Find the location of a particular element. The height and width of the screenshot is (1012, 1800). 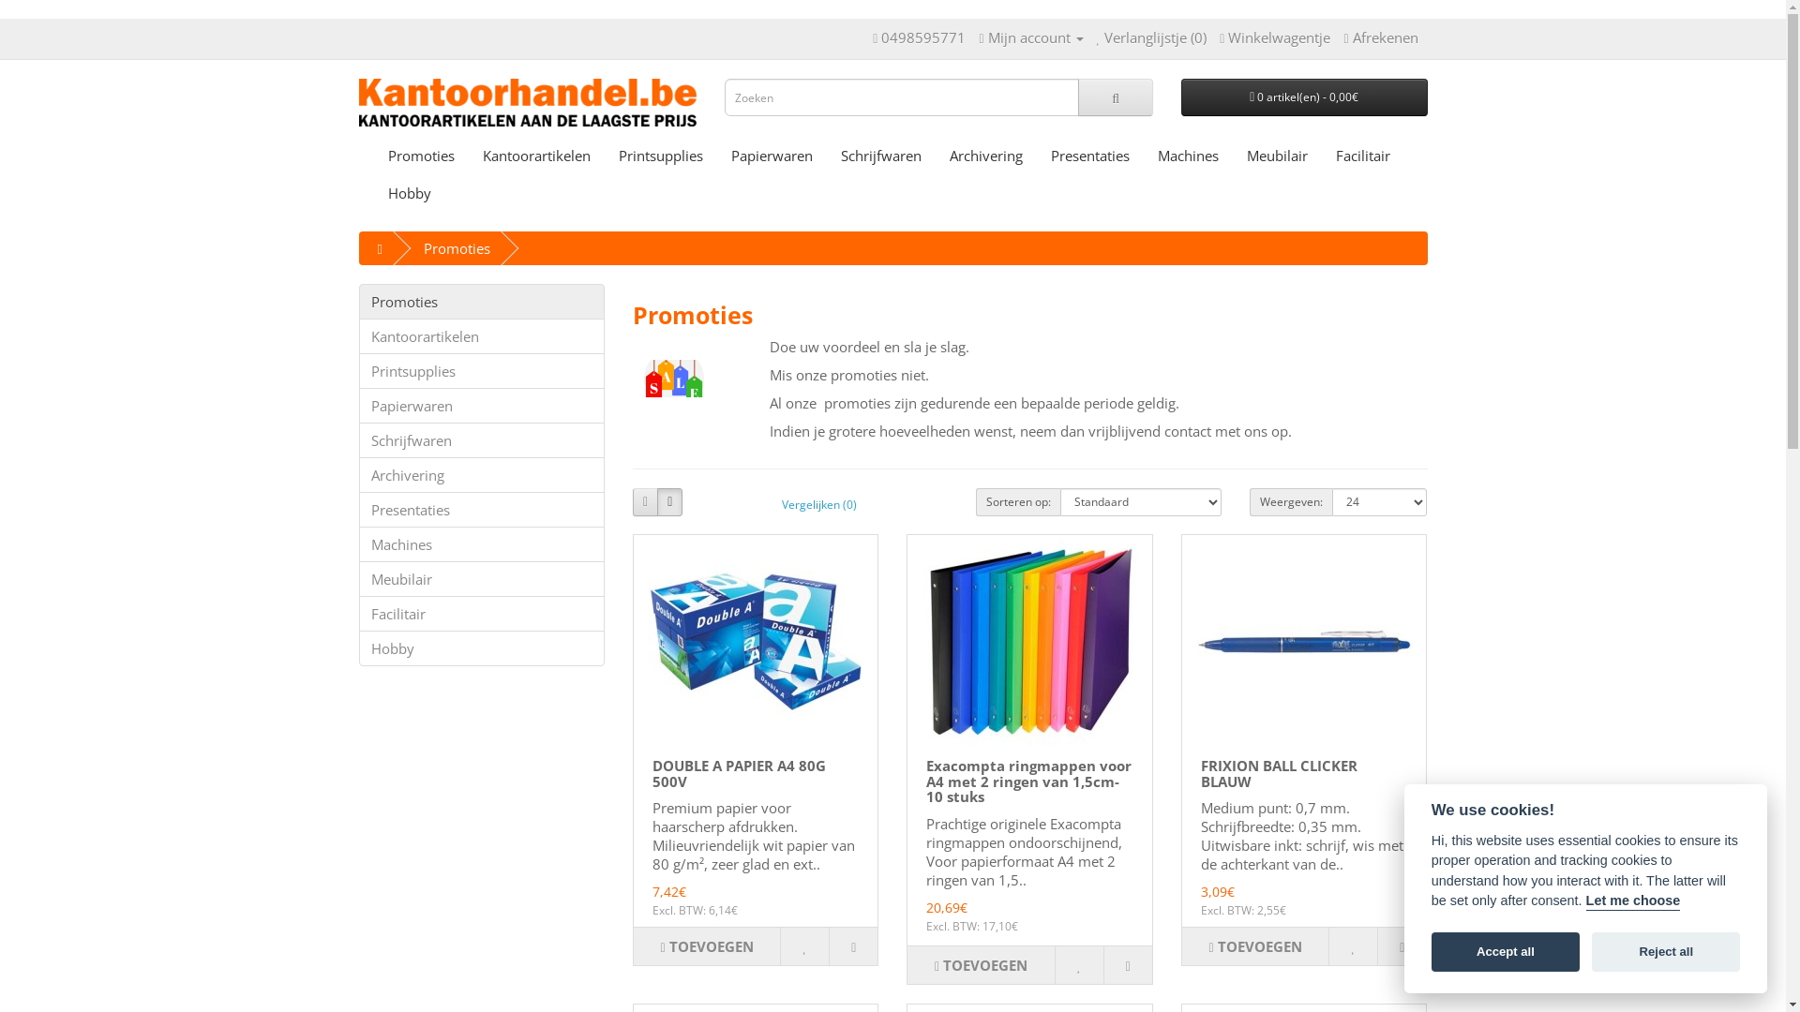

'Promoties' is located at coordinates (419, 154).